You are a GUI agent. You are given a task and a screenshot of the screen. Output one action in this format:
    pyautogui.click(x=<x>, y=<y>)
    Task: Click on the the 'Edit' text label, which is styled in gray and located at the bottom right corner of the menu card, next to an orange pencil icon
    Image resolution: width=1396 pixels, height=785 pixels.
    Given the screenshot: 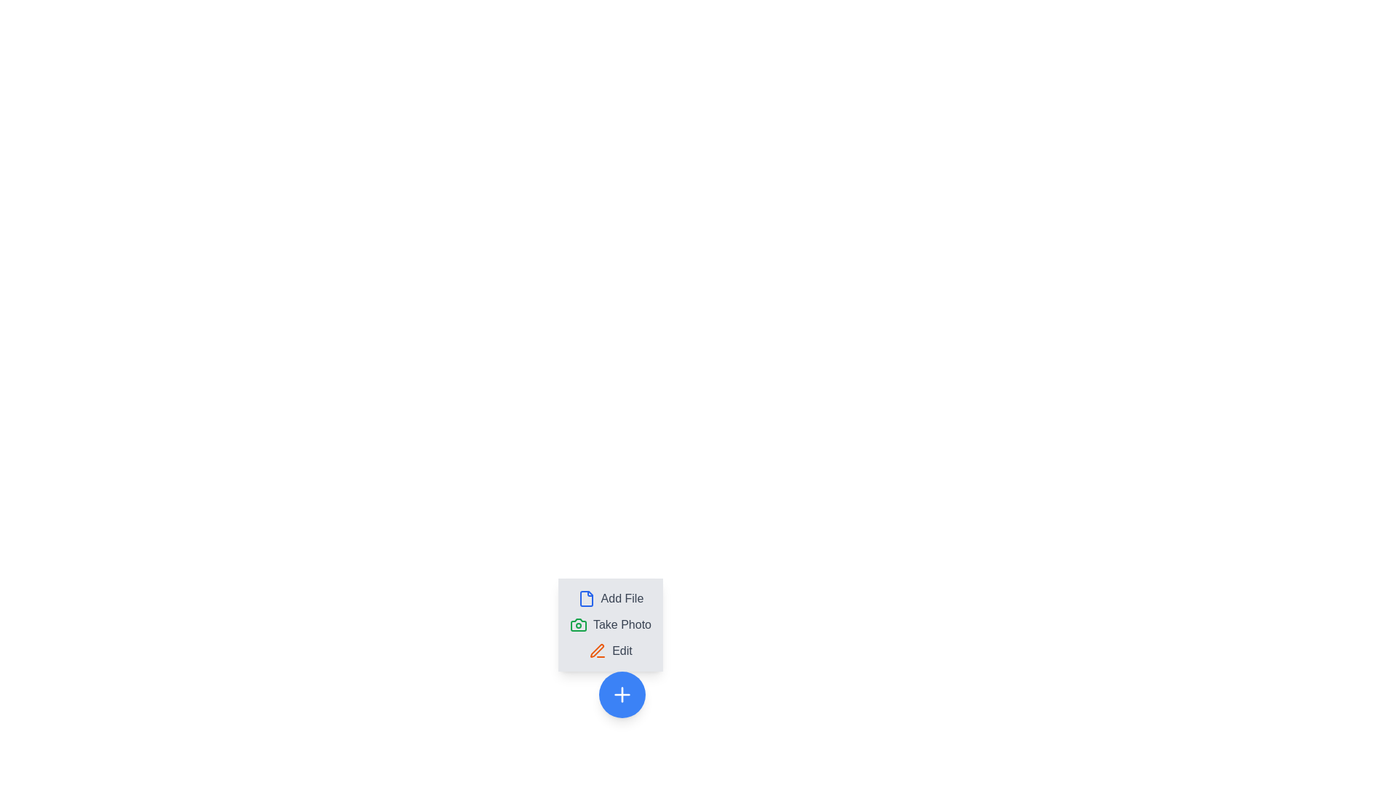 What is the action you would take?
    pyautogui.click(x=622, y=650)
    